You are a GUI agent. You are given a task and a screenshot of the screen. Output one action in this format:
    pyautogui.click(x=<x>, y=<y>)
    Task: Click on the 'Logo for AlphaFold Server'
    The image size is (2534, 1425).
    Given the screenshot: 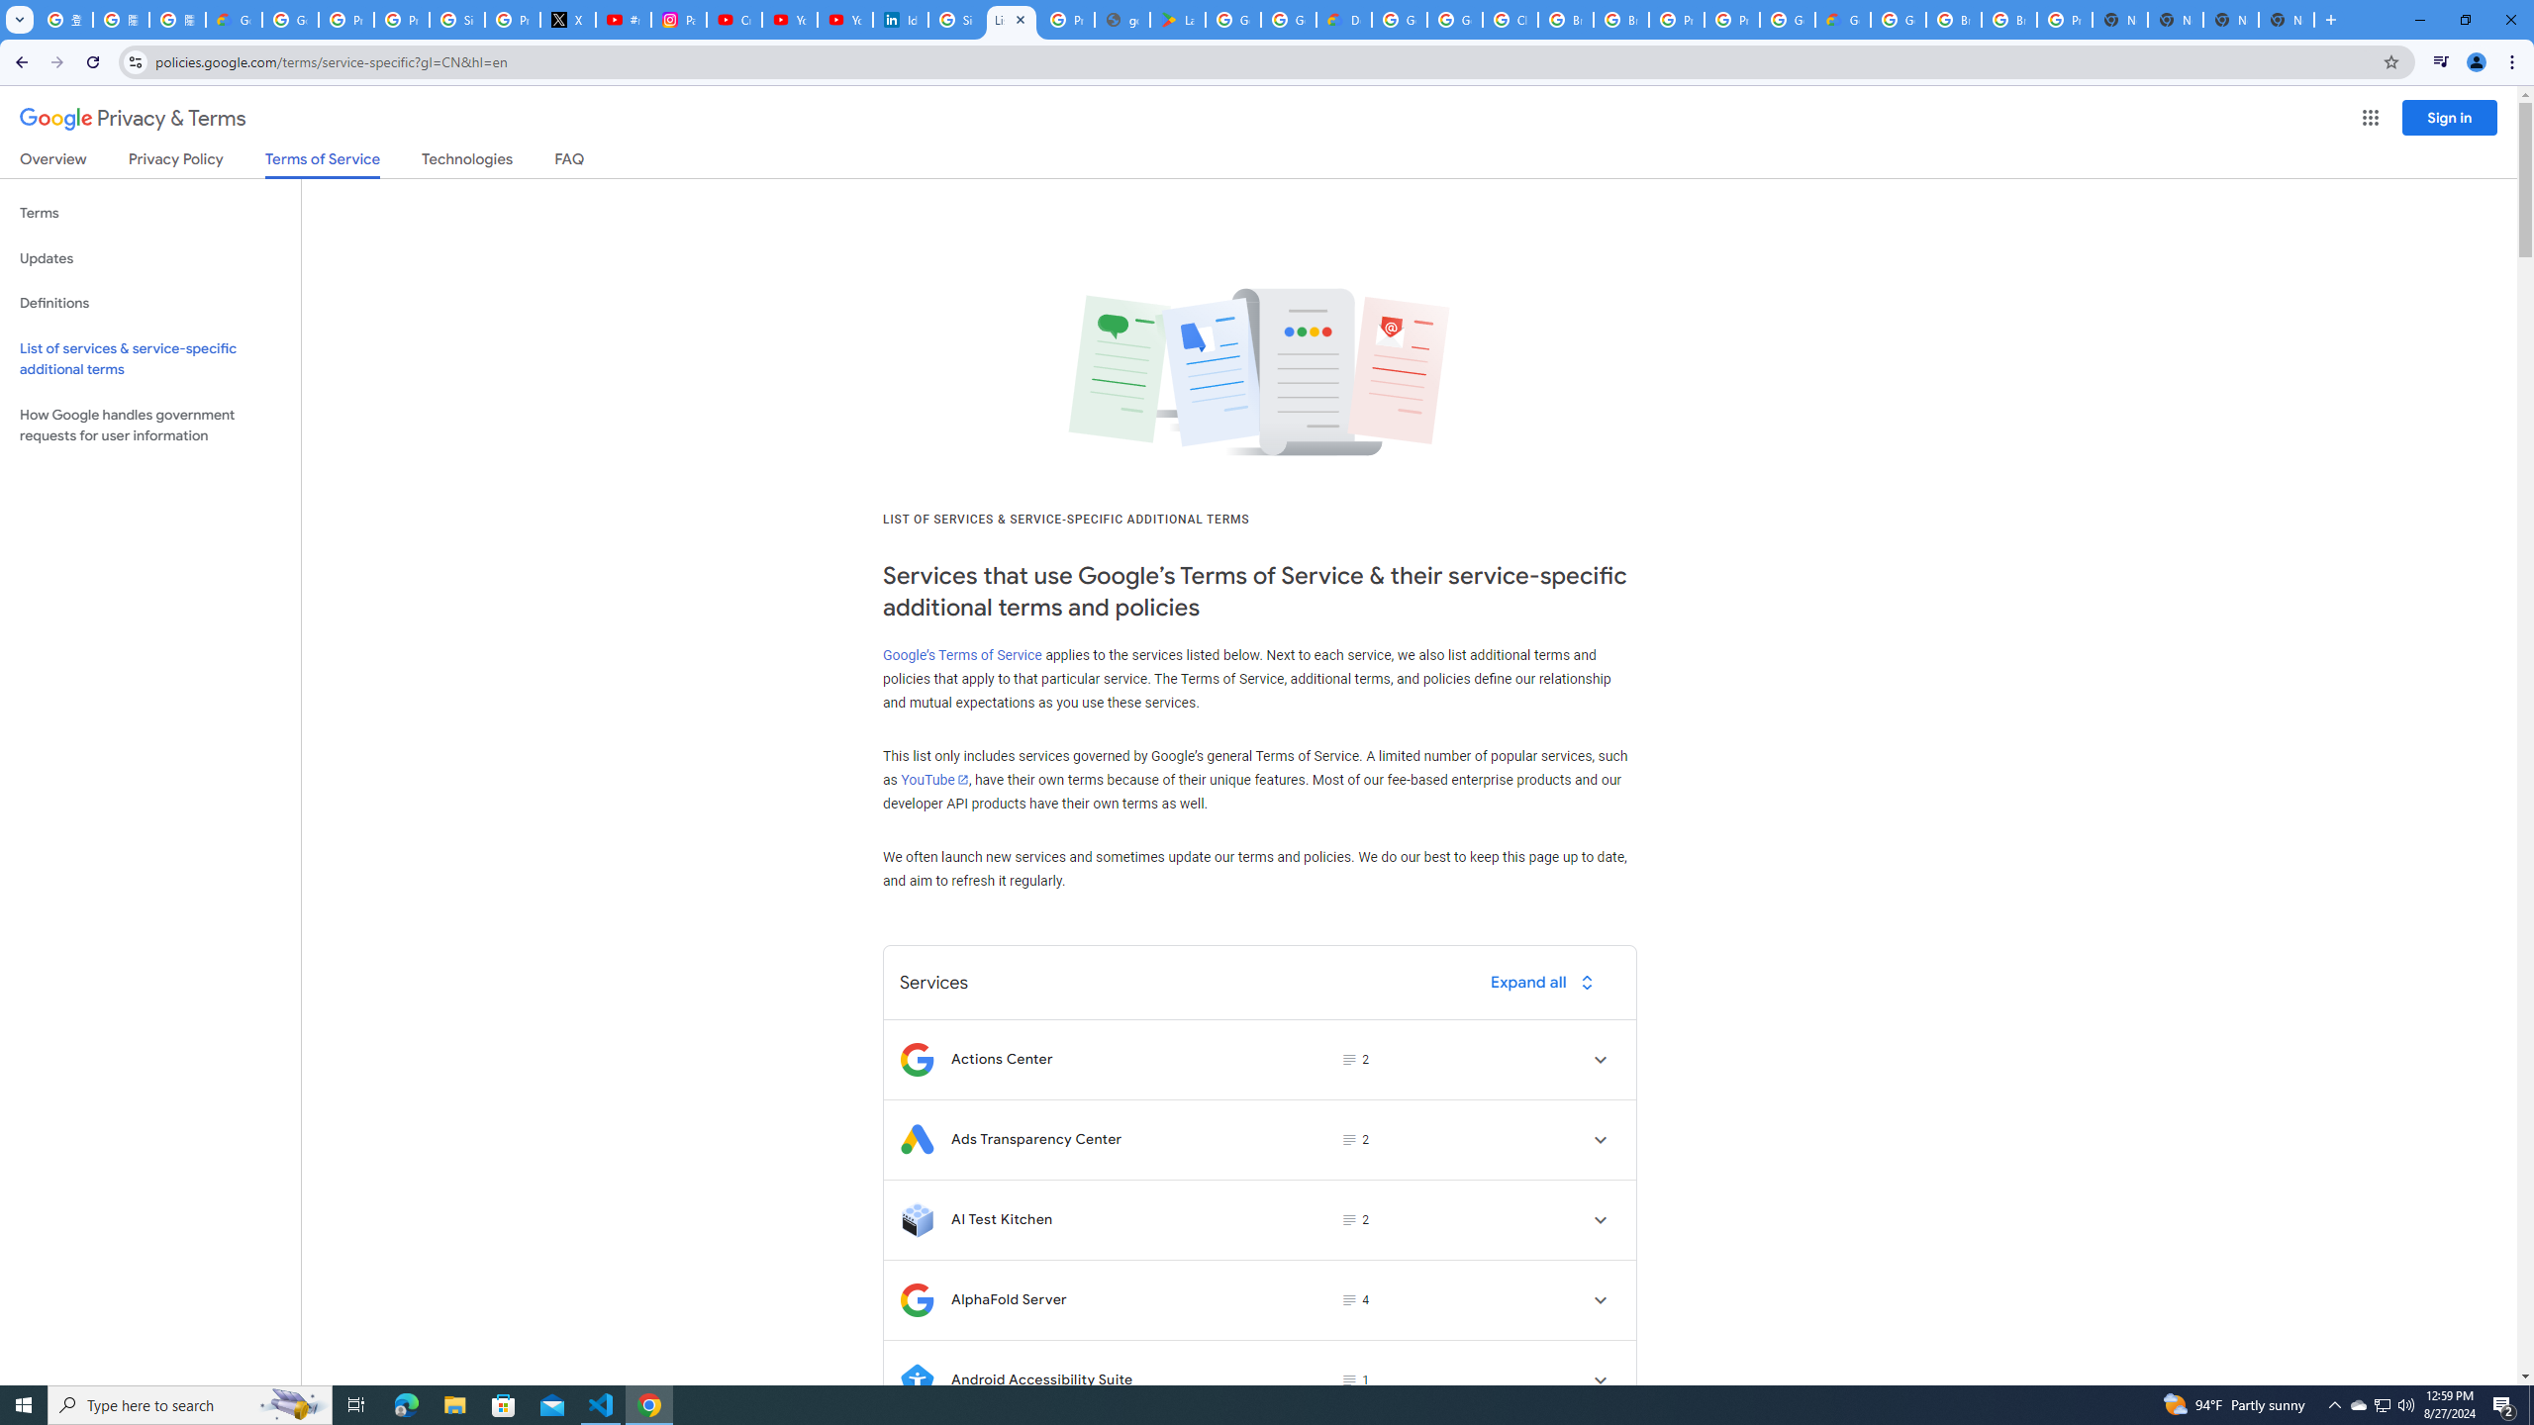 What is the action you would take?
    pyautogui.click(x=916, y=1299)
    